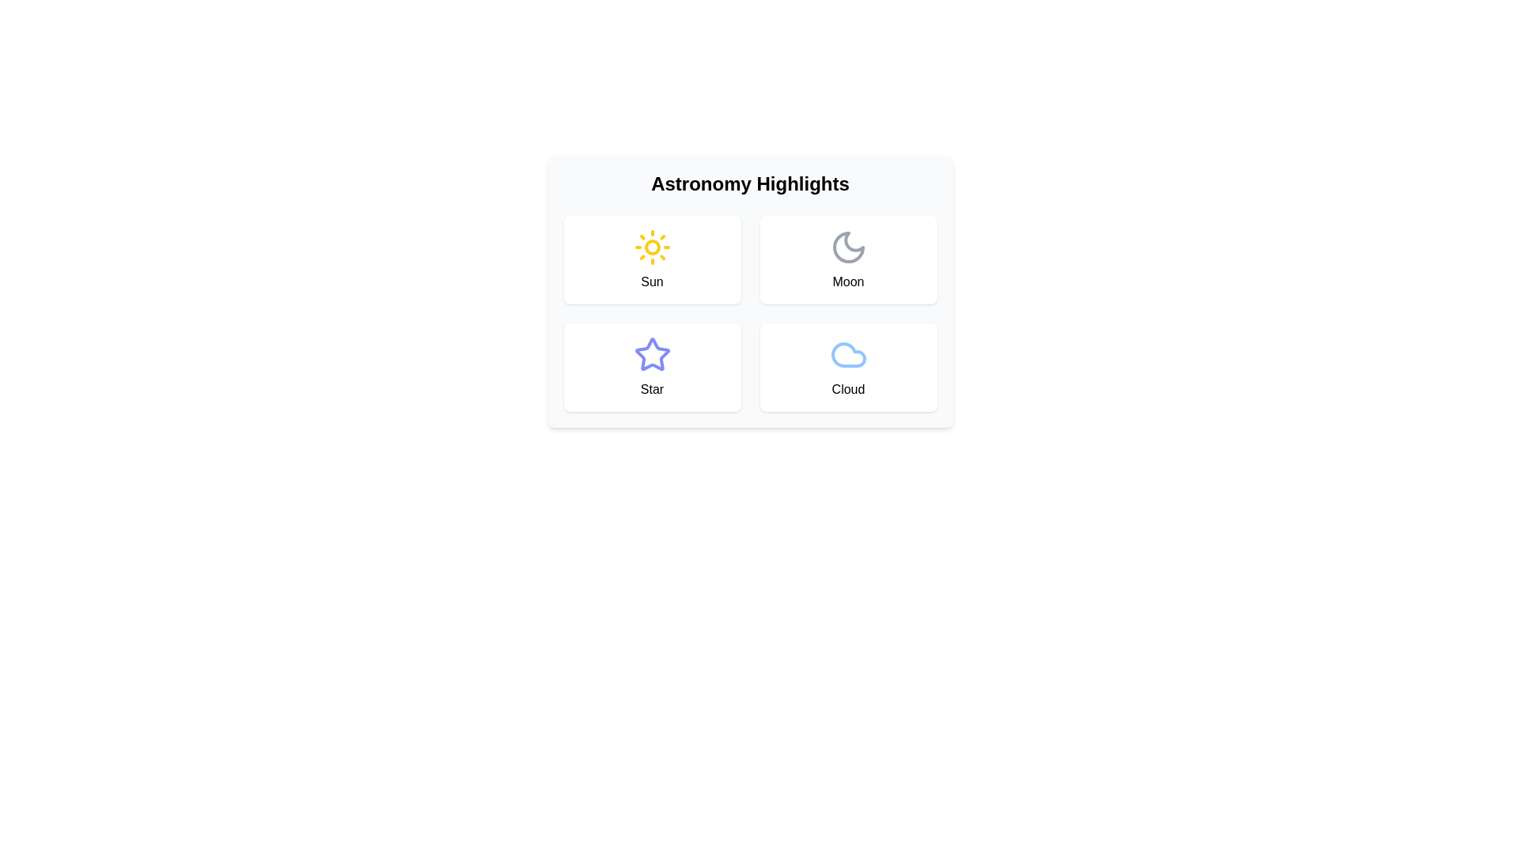  Describe the element at coordinates (847, 353) in the screenshot. I see `the cloud icon located in the bottom-right corner of the 'Astronomy Highlights' grid, which visually represents the concept of a cloud and is positioned next to the 'Star' section` at that location.